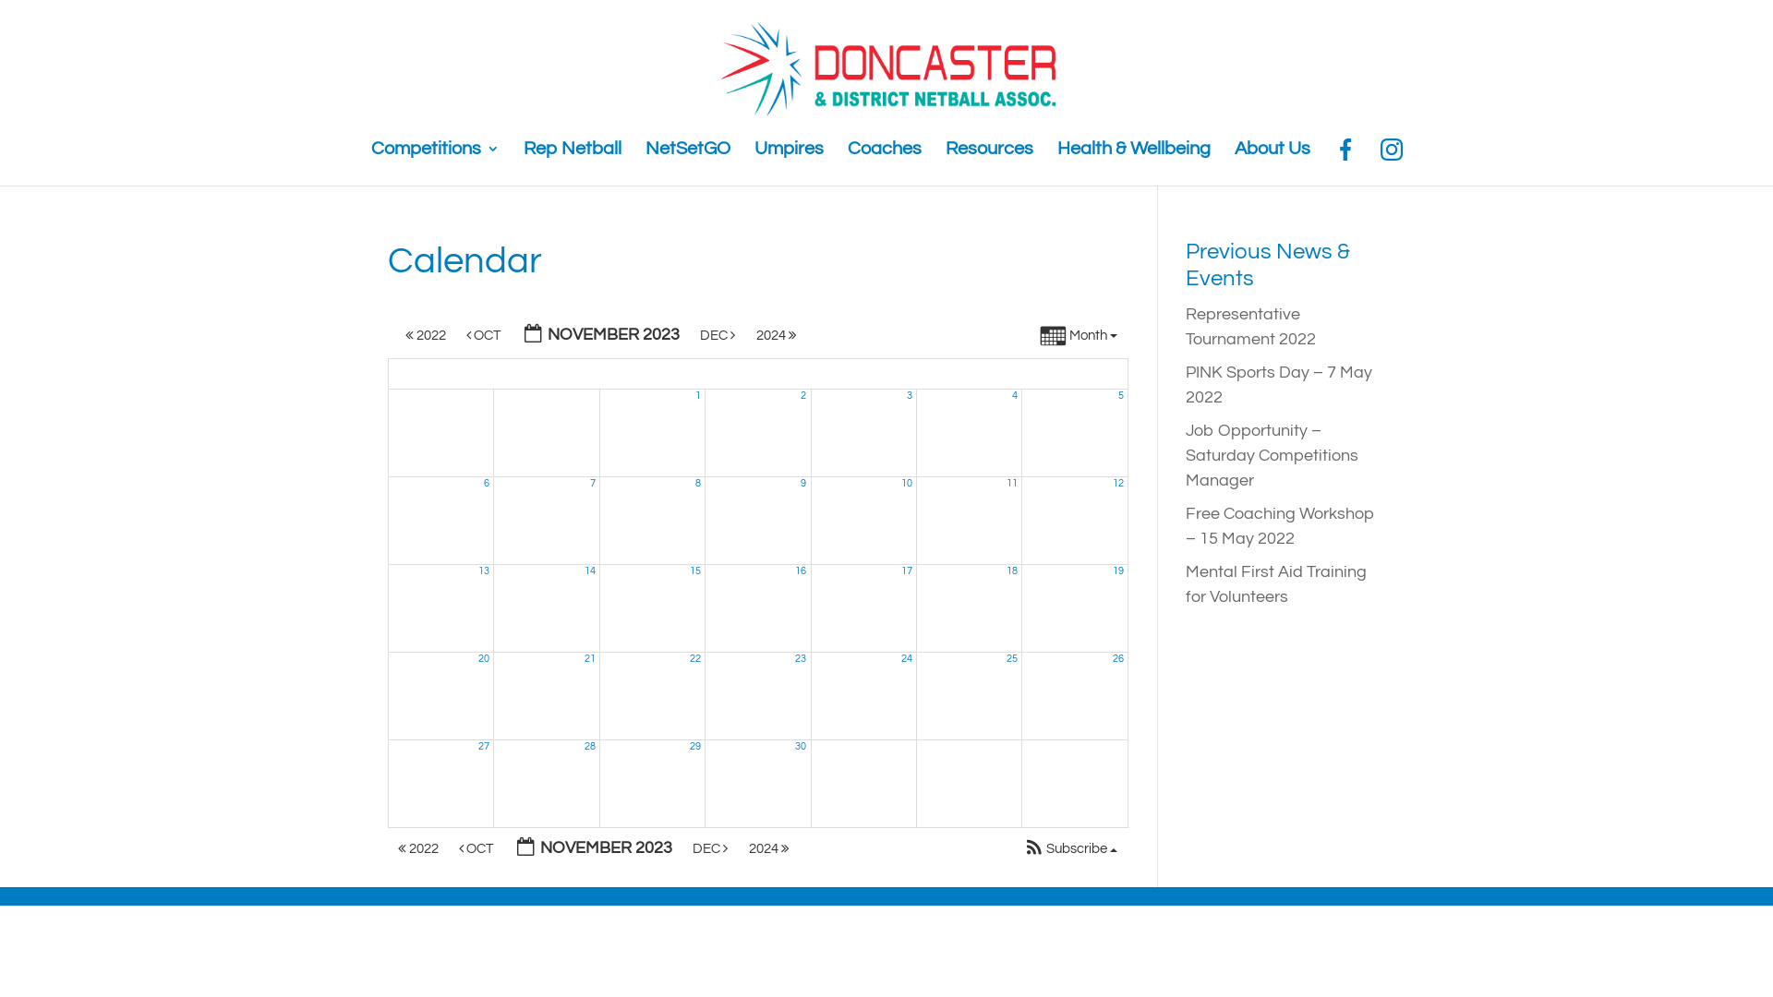 The height and width of the screenshot is (997, 1773). Describe the element at coordinates (584, 570) in the screenshot. I see `'14'` at that location.